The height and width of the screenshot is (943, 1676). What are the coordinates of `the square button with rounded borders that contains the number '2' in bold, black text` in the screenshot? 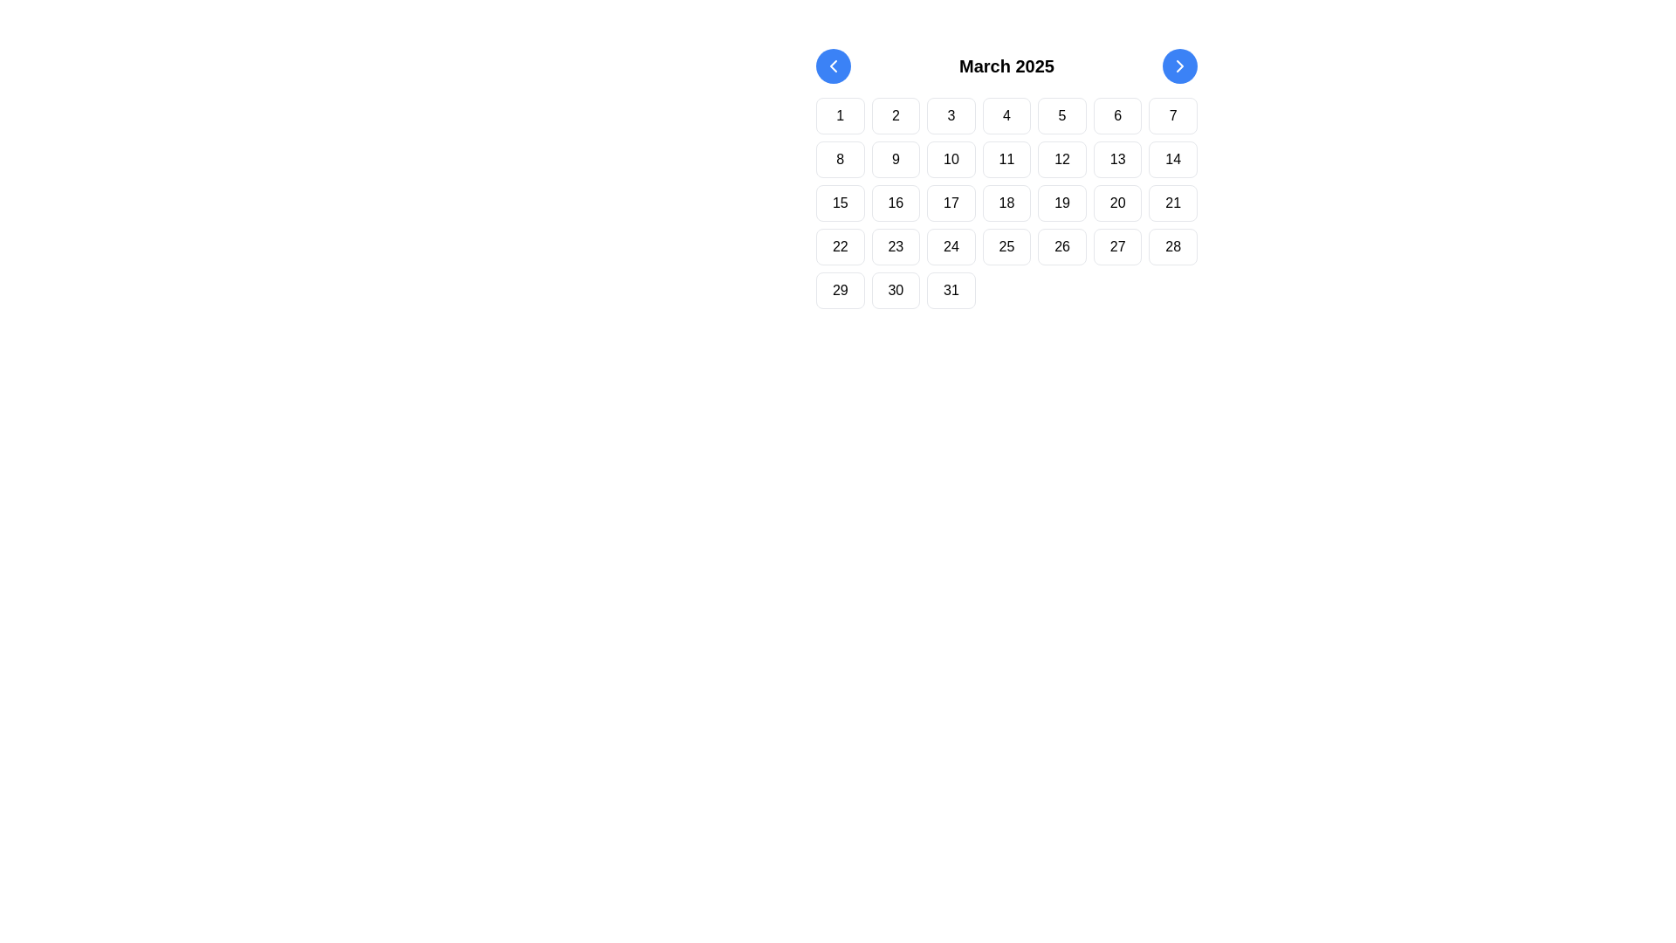 It's located at (896, 115).